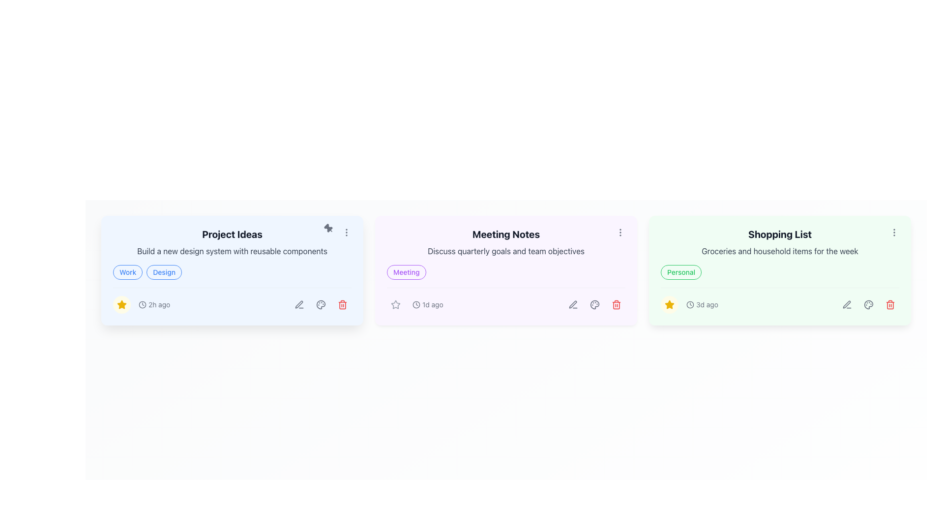 This screenshot has width=944, height=531. I want to click on the text display area that presents a title and a brief description for a project idea, located in the first card of a horizontally-aligned set of cards, above the tags and timestamp, so click(232, 242).